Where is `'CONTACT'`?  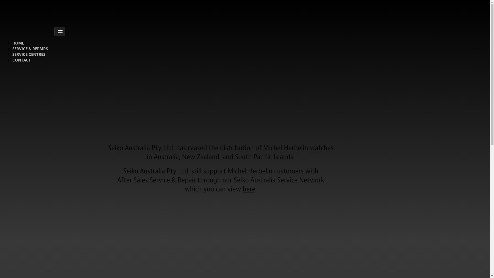 'CONTACT' is located at coordinates (21, 59).